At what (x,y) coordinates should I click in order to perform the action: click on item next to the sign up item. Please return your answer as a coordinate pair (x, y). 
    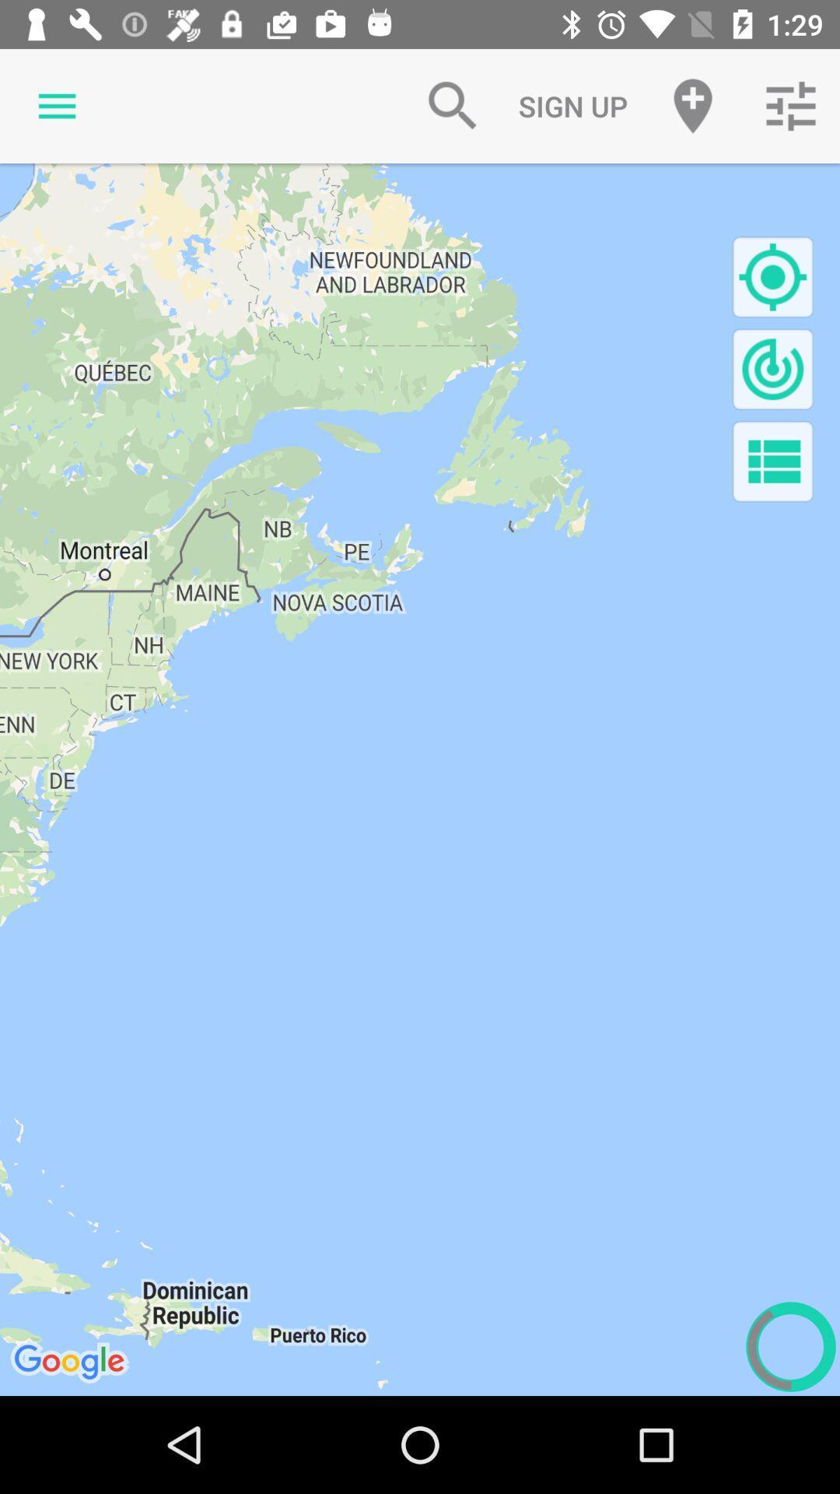
    Looking at the image, I should click on (692, 105).